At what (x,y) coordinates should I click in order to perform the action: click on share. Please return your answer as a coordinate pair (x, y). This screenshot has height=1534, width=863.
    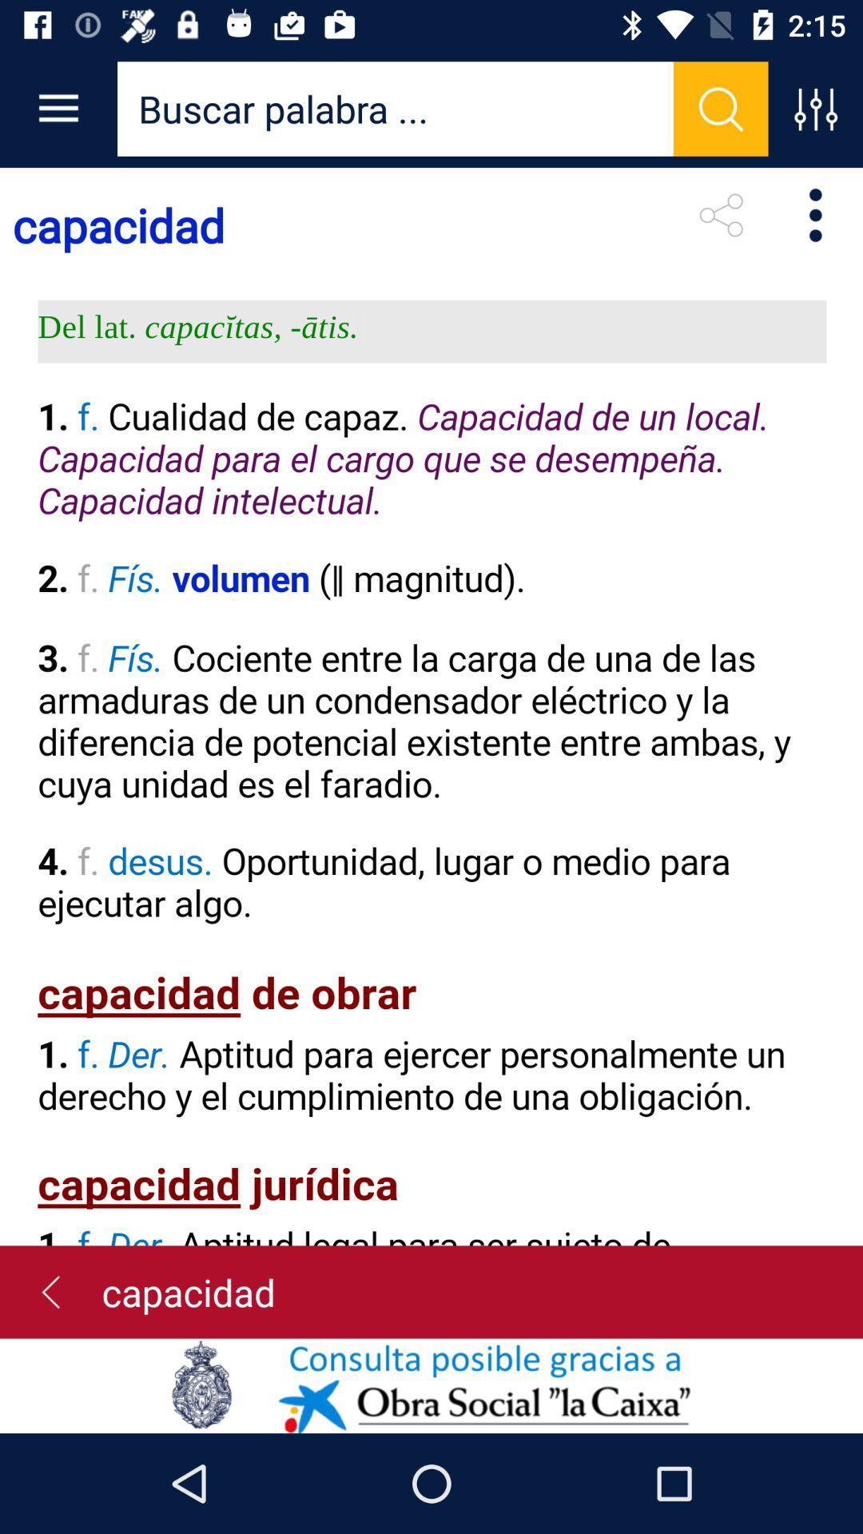
    Looking at the image, I should click on (721, 214).